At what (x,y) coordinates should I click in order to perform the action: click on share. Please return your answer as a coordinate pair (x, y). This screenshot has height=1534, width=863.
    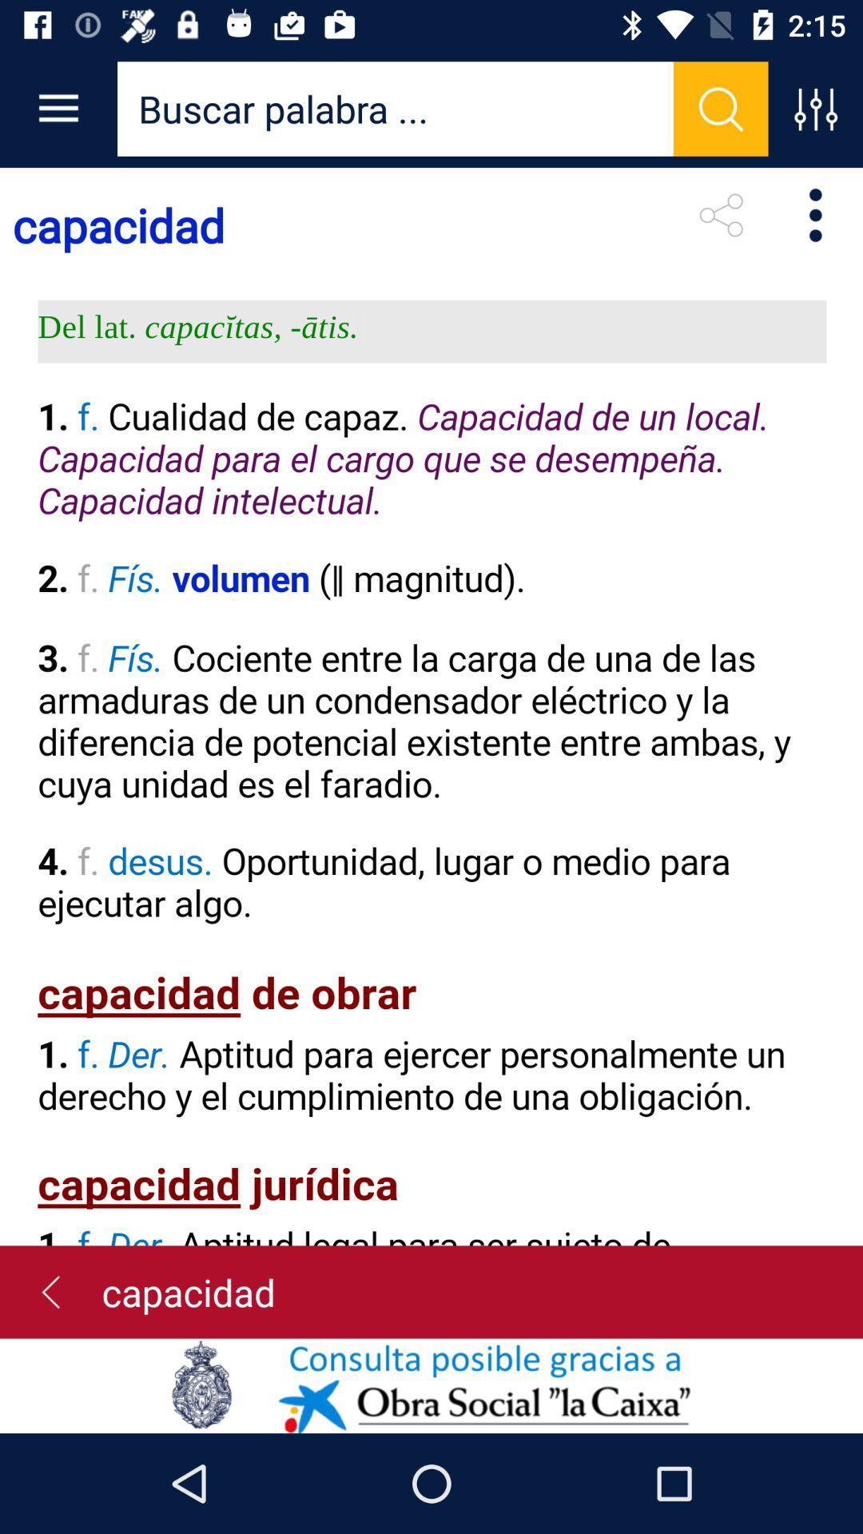
    Looking at the image, I should click on (721, 214).